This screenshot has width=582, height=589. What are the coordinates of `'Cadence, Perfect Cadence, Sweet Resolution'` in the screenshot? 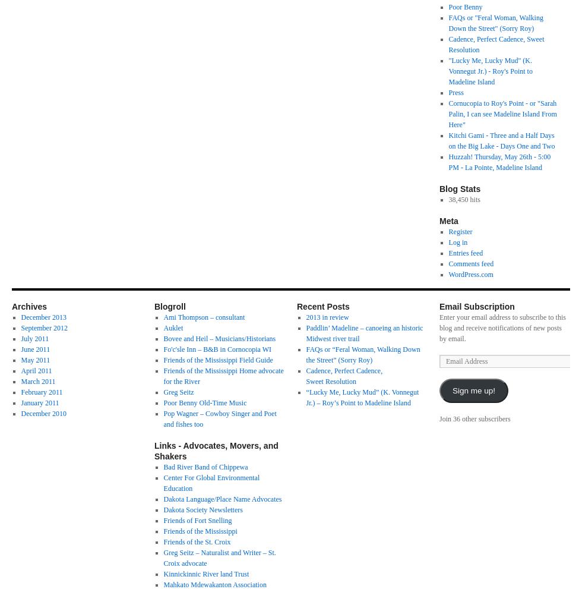 It's located at (496, 45).